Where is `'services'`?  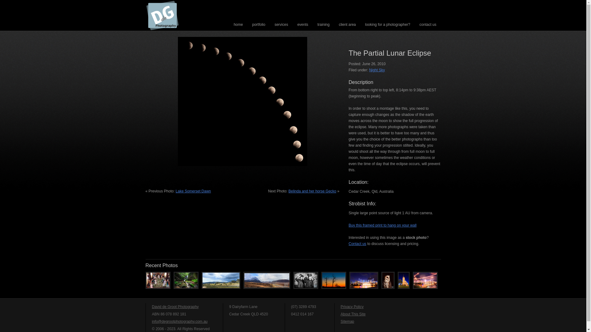
'services' is located at coordinates (281, 25).